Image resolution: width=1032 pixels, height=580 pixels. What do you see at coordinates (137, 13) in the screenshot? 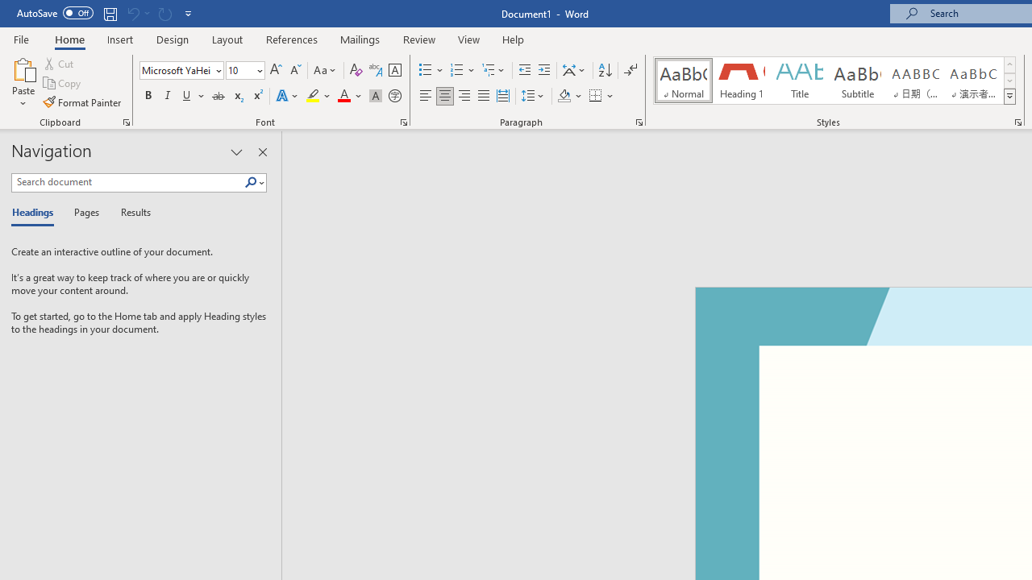
I see `'Can'` at bounding box center [137, 13].